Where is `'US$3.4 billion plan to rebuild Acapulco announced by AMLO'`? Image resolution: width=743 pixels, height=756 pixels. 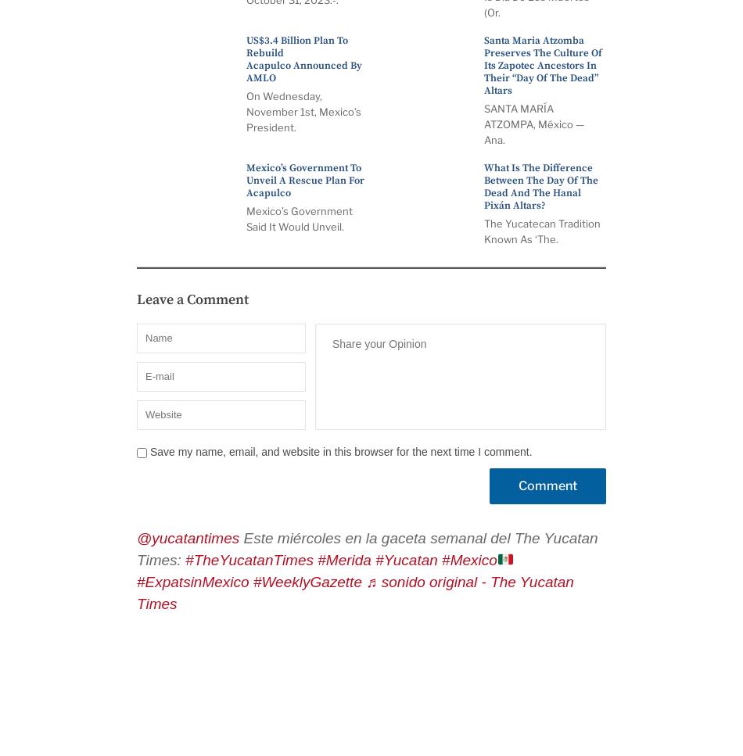
'US$3.4 billion plan to rebuild Acapulco announced by AMLO' is located at coordinates (303, 59).